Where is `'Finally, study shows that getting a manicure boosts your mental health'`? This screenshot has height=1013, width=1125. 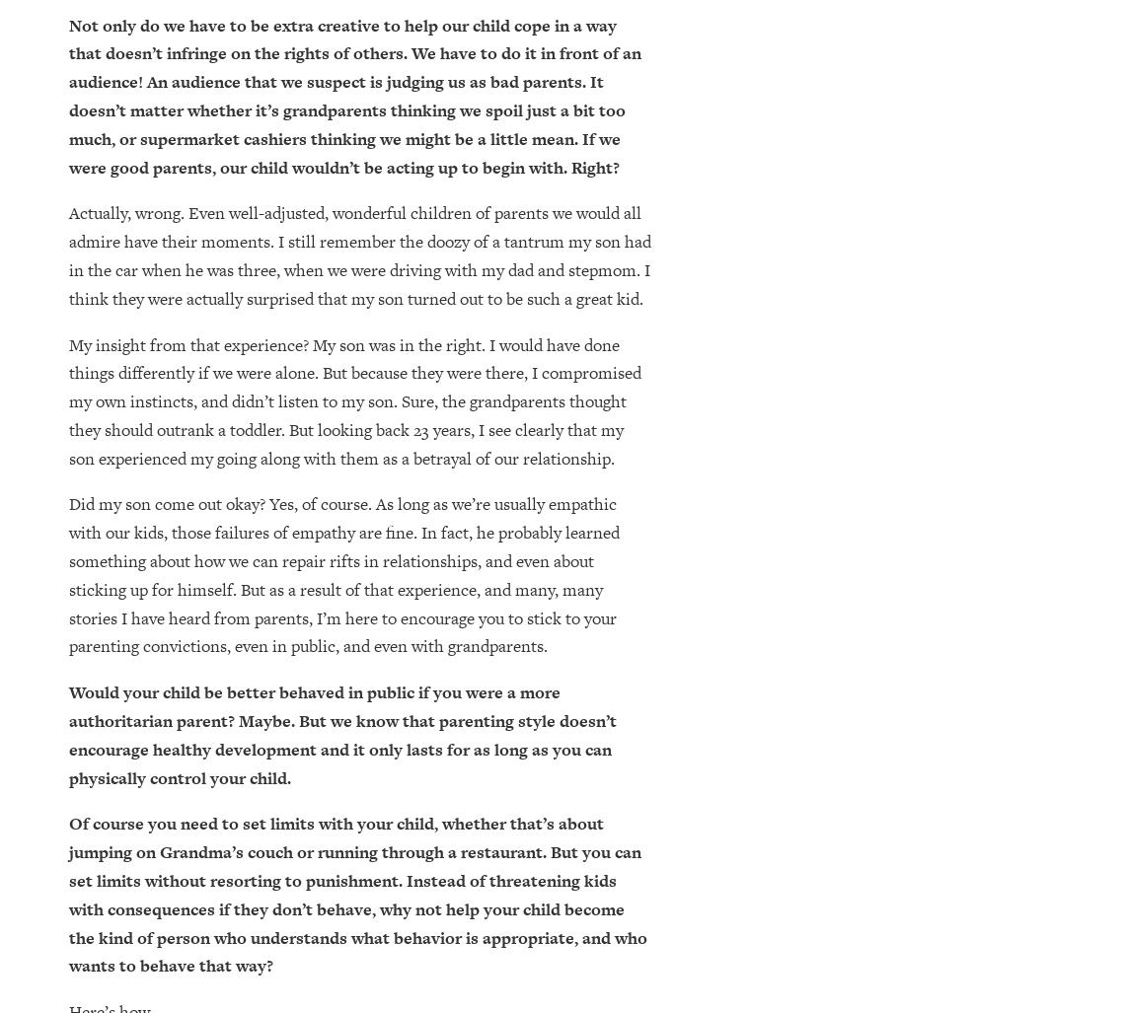
'Finally, study shows that getting a manicure boosts your mental health' is located at coordinates (819, 139).